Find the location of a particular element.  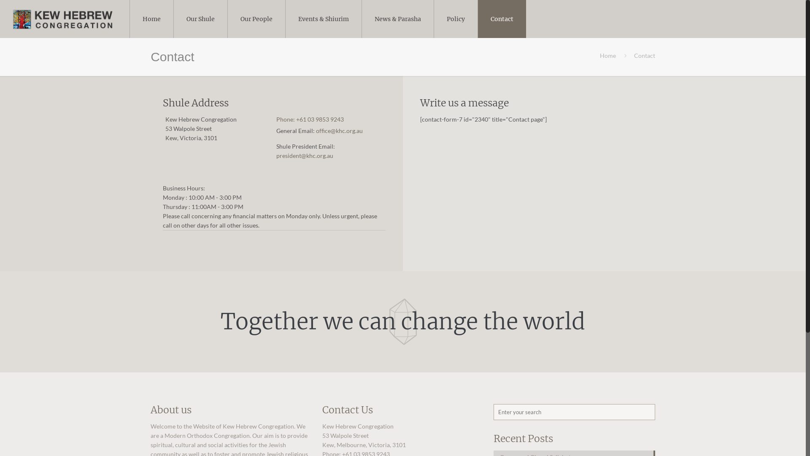

'Policy' is located at coordinates (455, 19).